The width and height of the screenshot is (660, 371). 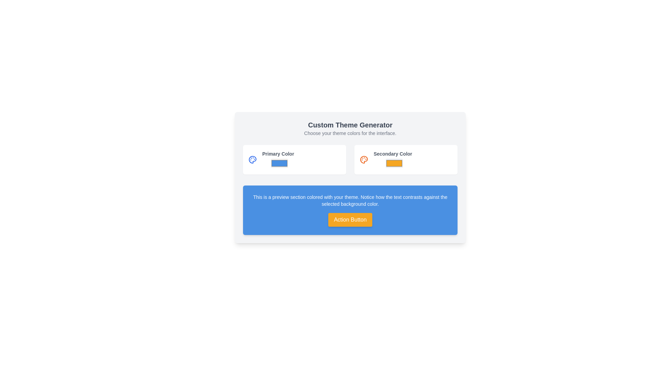 What do you see at coordinates (279, 163) in the screenshot?
I see `the blue color picker button located under the 'Primary Color' label` at bounding box center [279, 163].